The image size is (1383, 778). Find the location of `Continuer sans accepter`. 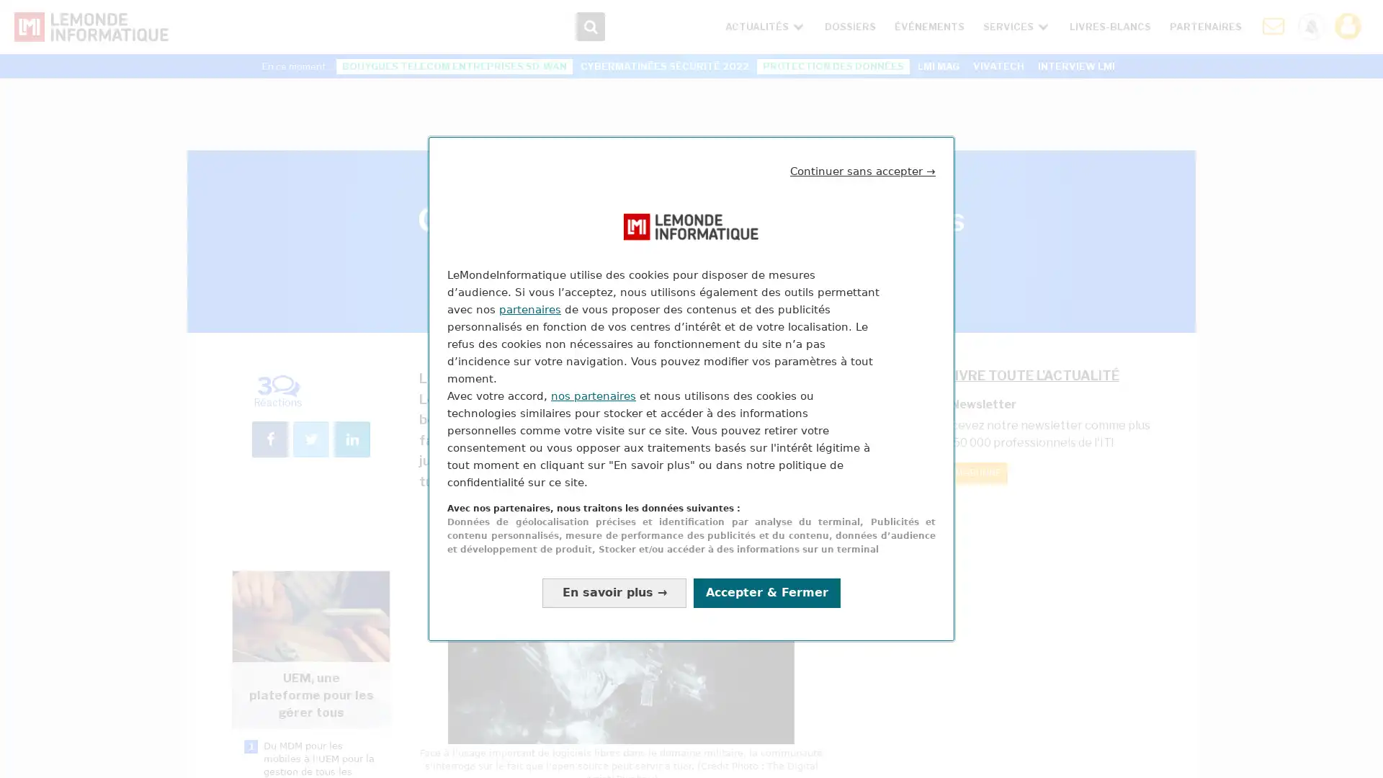

Continuer sans accepter is located at coordinates (863, 171).